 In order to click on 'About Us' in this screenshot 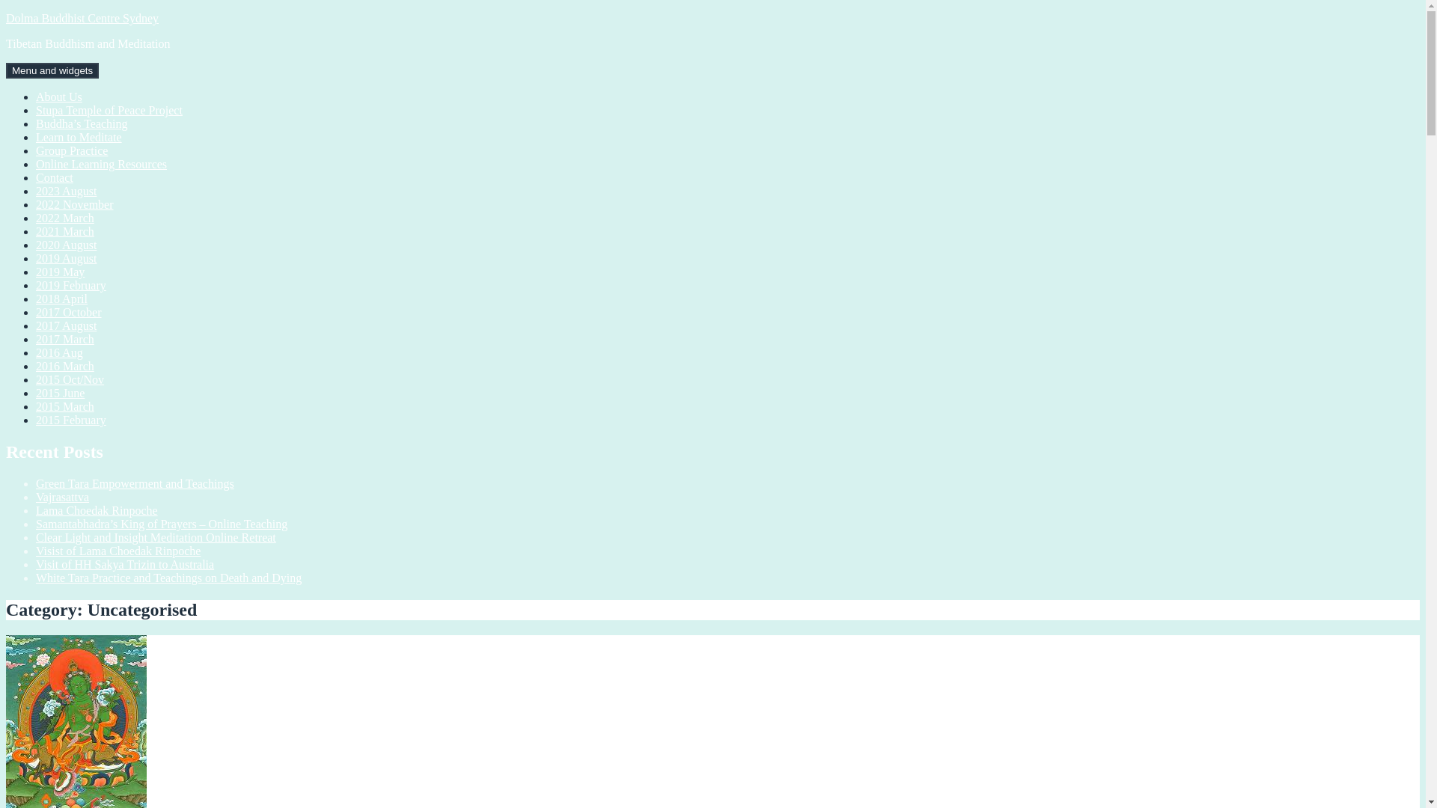, I will do `click(58, 97)`.